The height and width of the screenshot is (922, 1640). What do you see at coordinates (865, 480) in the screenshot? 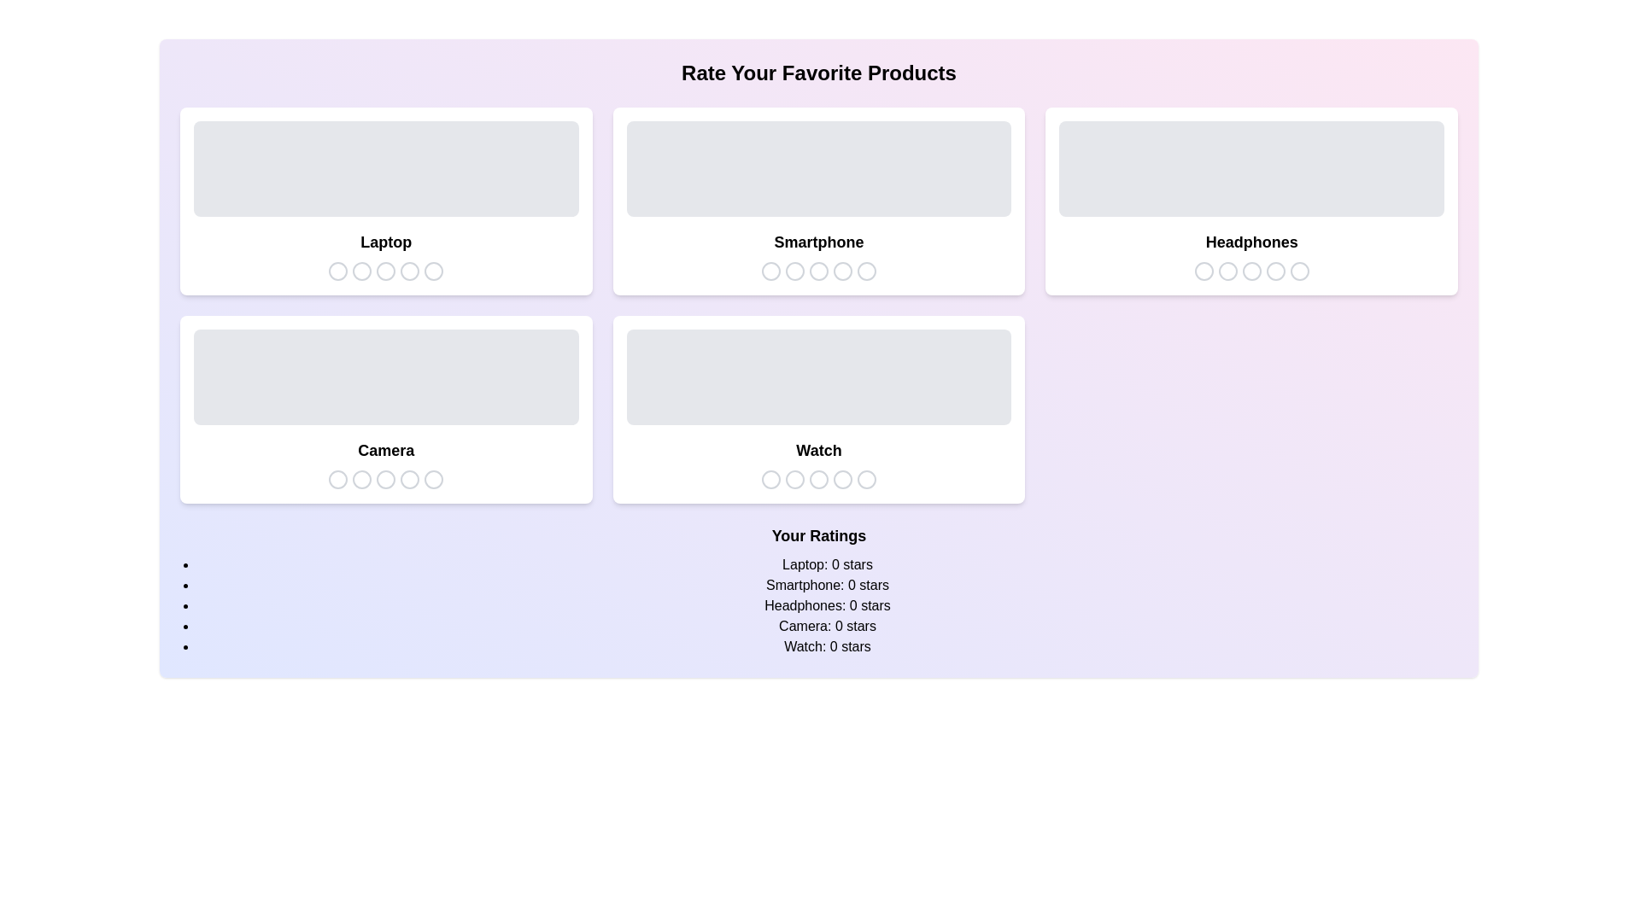
I see `the star icon corresponding to 5 stars for the product Watch` at bounding box center [865, 480].